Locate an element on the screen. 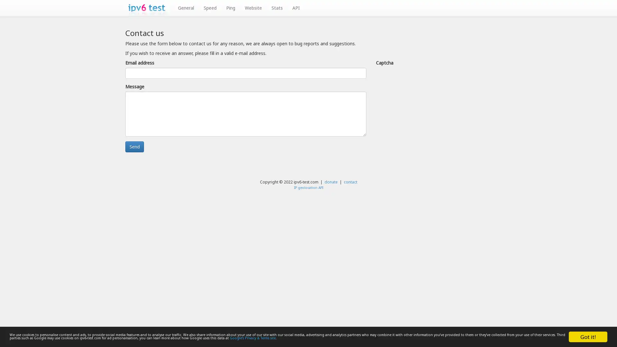  Send is located at coordinates (134, 147).